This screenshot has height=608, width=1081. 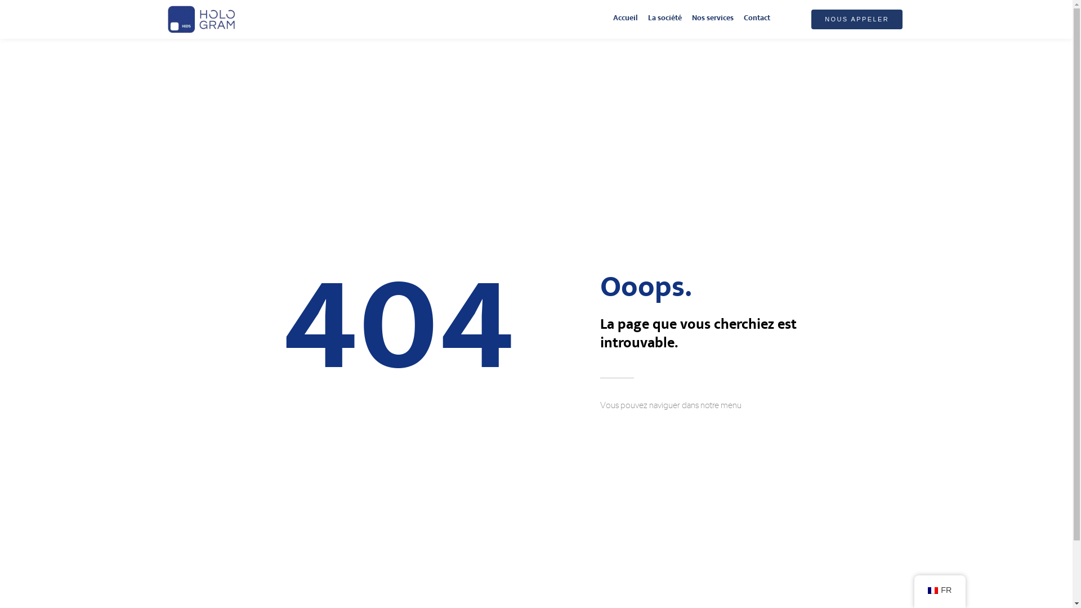 I want to click on 'Contact', so click(x=757, y=19).